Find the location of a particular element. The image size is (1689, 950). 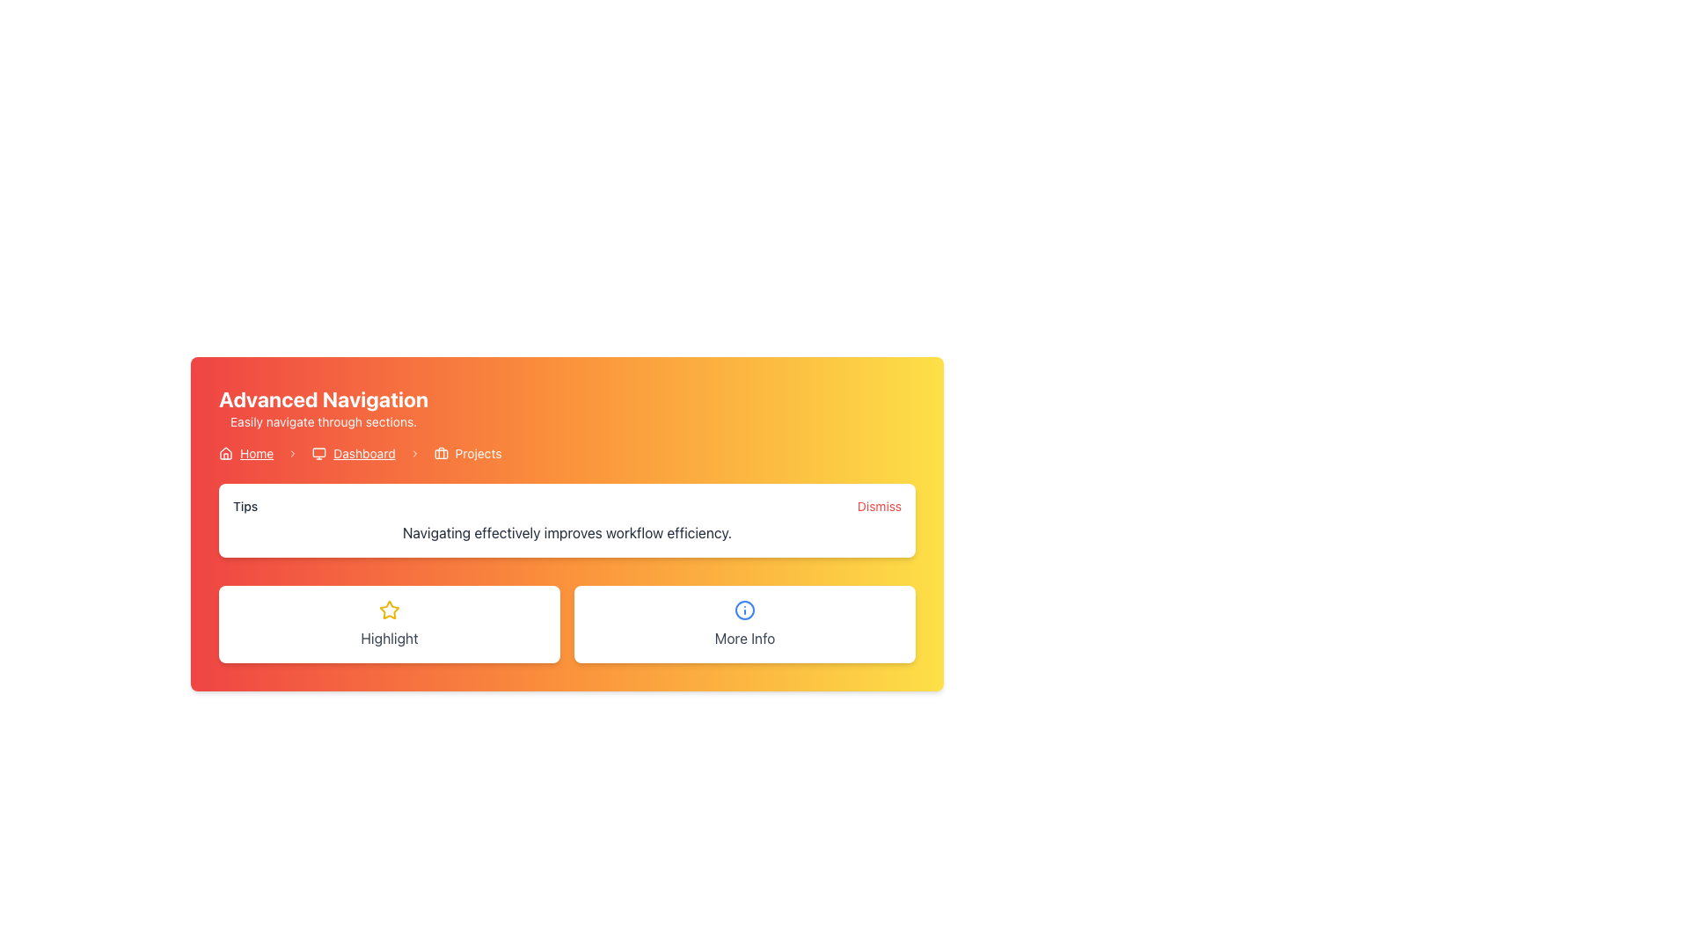

the 'Tips' text label located at the top left of the white section of the interface, which presents the heading or topic label is located at coordinates (245, 506).